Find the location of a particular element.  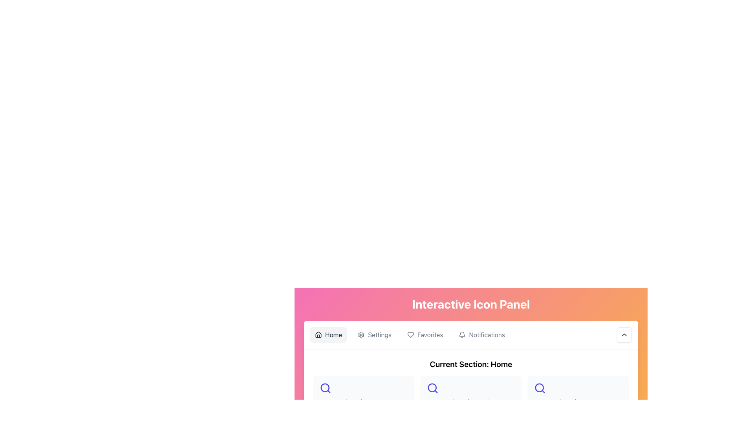

the 'Favorites' text label in the navigation bar, which is styled in medium gray and displays the word 'Favorites' next to a heart icon is located at coordinates (430, 334).